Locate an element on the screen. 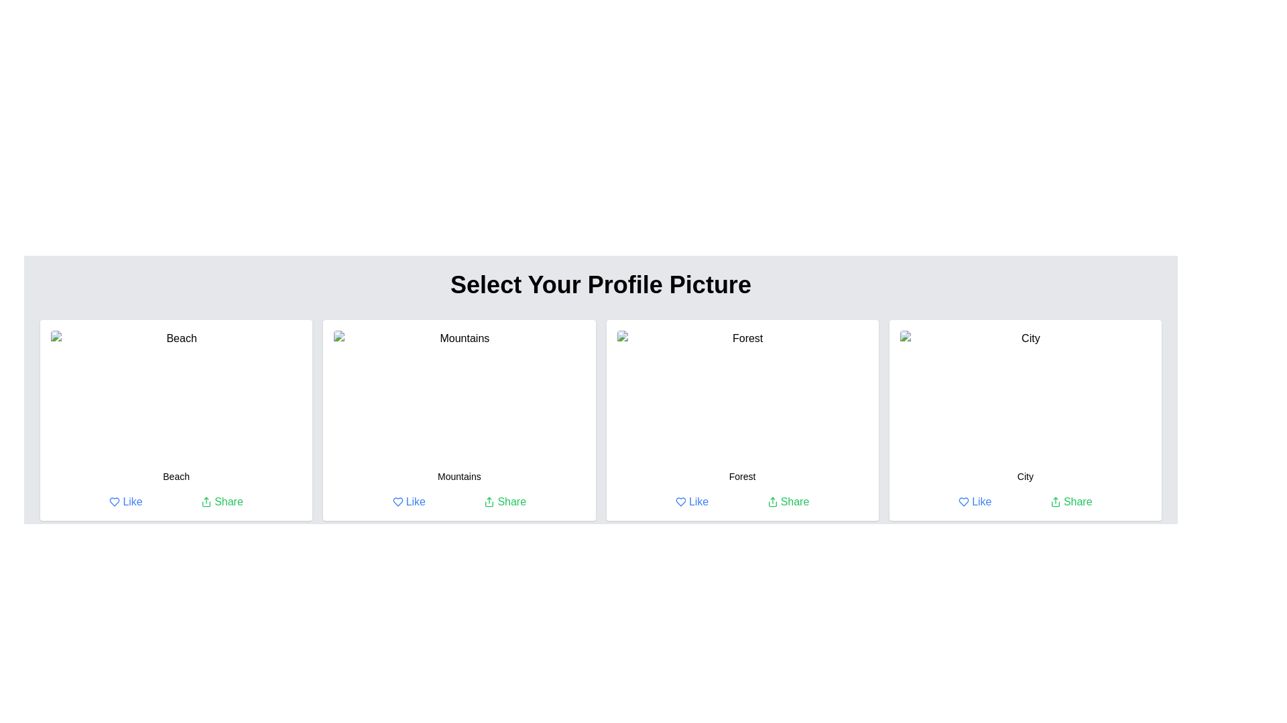  the 'Like' button with a blue text label and heart icon located at the bottom-left corner of the 'Mountains' card, above the 'Share' button is located at coordinates (408, 501).